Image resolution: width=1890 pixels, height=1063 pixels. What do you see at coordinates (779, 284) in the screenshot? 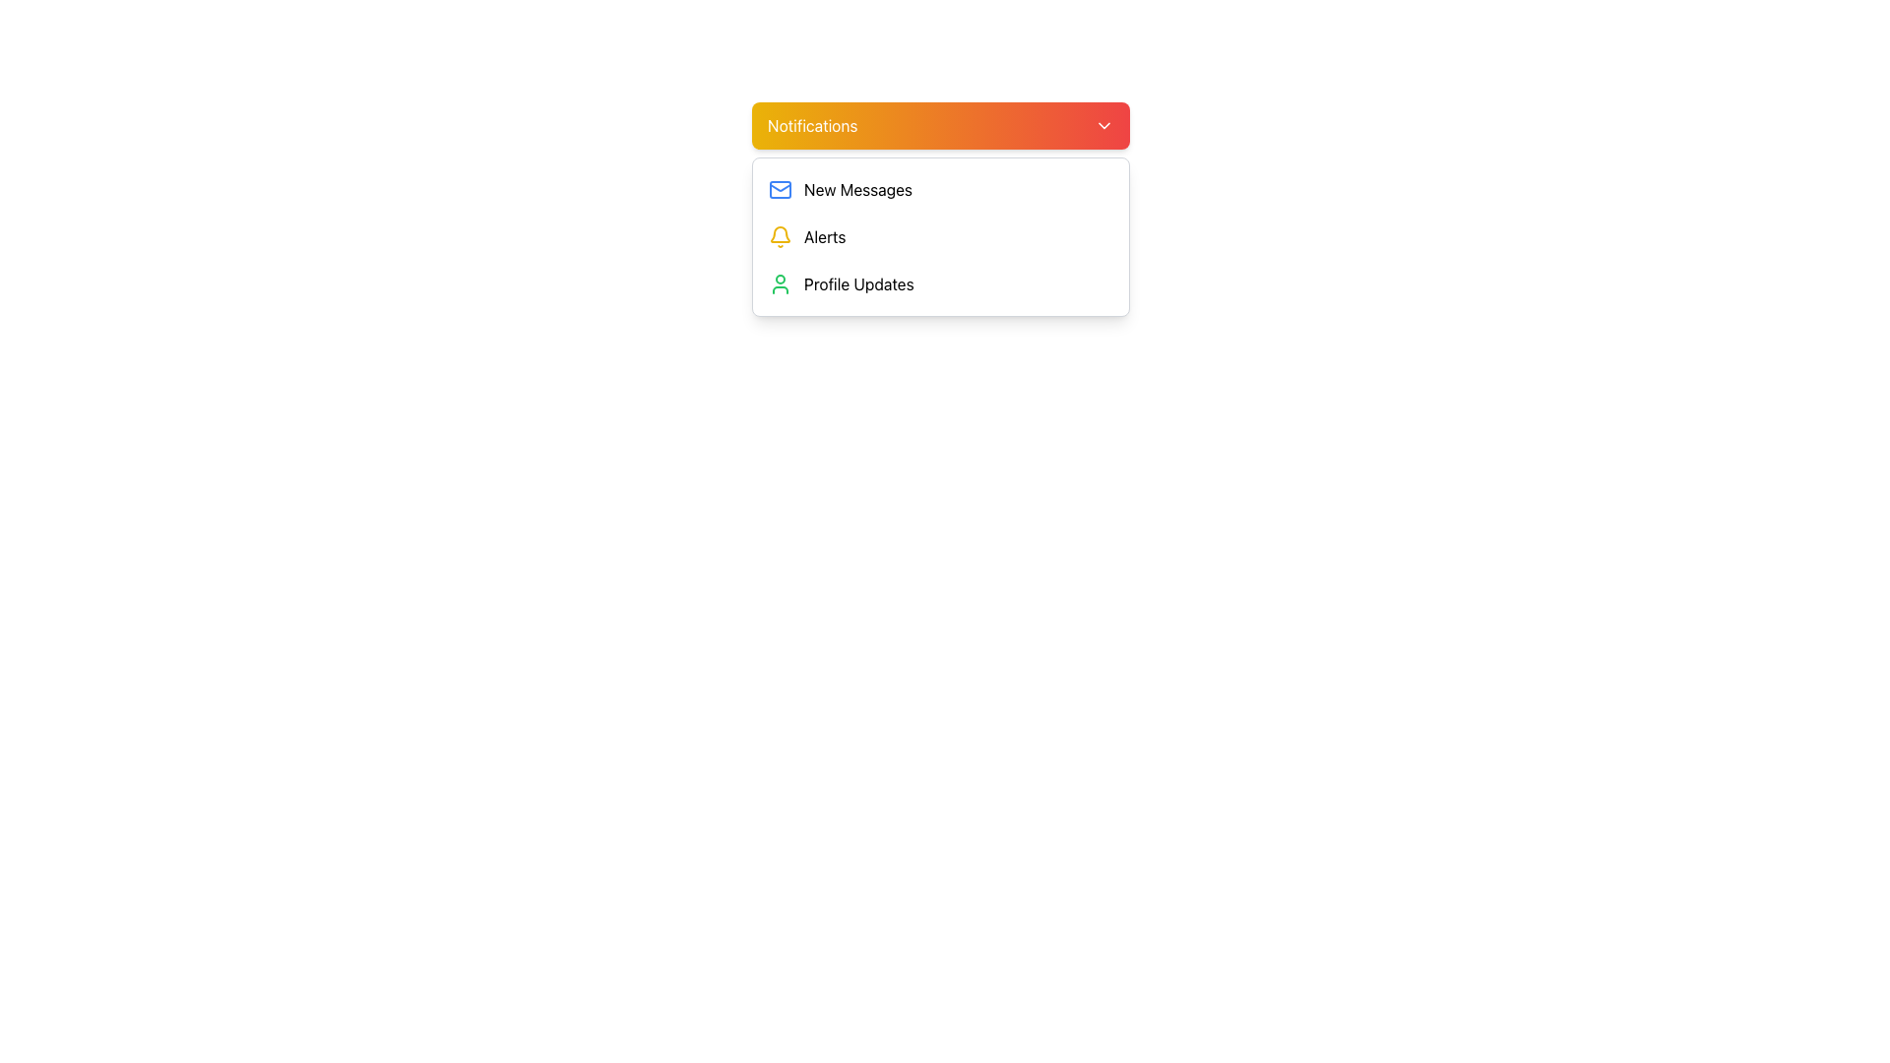
I see `the 'Profile Updates' icon in the dropdown menu for accessibility purposes` at bounding box center [779, 284].